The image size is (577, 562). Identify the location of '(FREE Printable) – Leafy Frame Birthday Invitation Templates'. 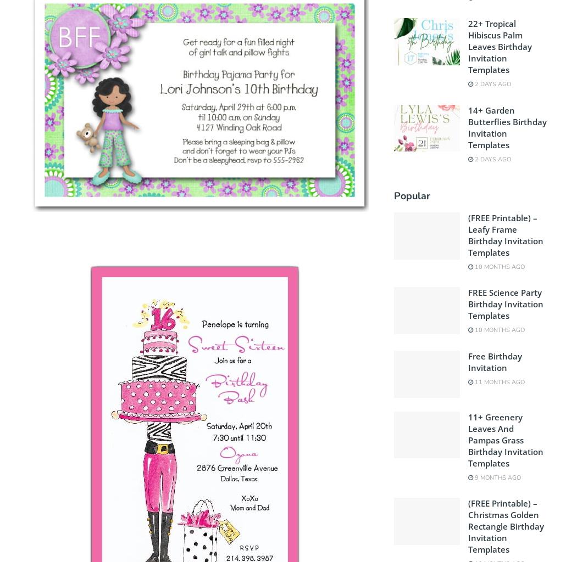
(505, 235).